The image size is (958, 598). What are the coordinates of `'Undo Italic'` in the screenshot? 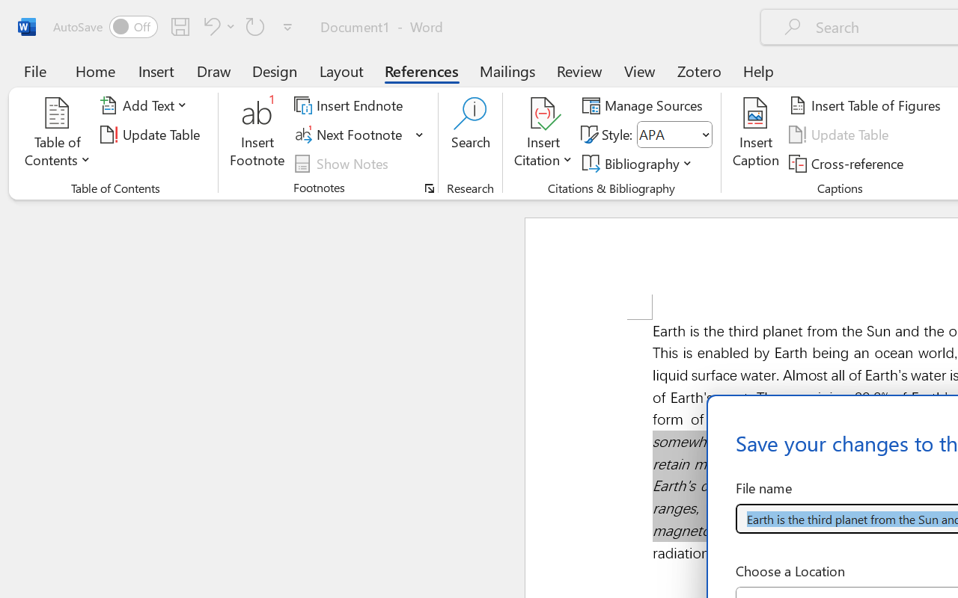 It's located at (209, 25).